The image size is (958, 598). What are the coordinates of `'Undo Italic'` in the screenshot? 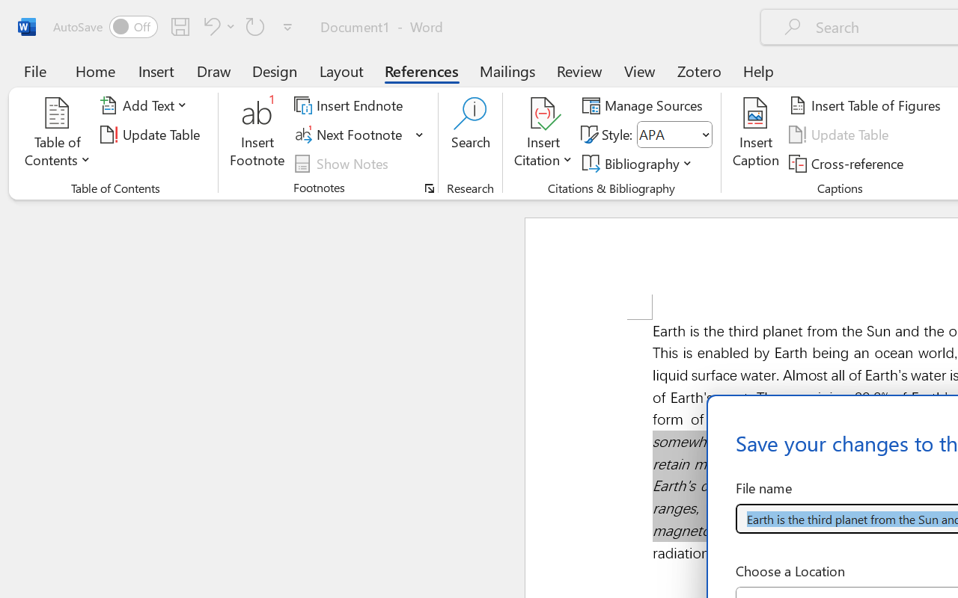 It's located at (209, 25).